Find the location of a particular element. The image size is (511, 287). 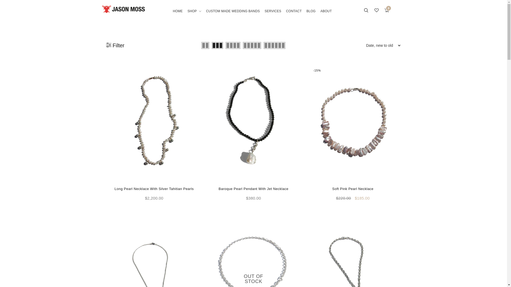

'2 col' is located at coordinates (205, 45).